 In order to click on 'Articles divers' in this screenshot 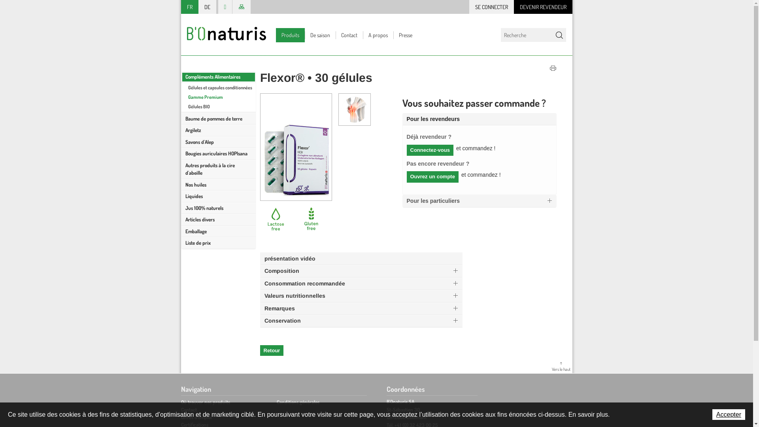, I will do `click(218, 219)`.